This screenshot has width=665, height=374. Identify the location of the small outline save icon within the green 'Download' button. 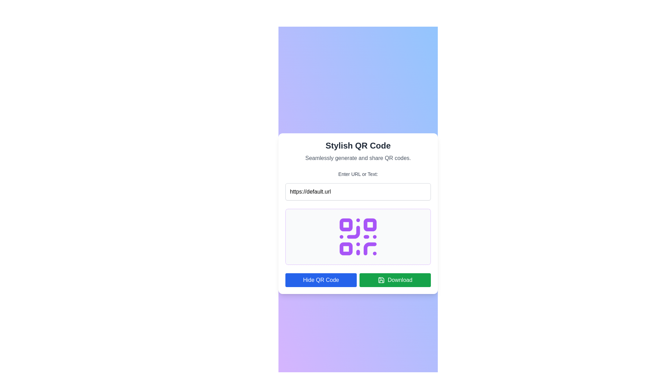
(381, 280).